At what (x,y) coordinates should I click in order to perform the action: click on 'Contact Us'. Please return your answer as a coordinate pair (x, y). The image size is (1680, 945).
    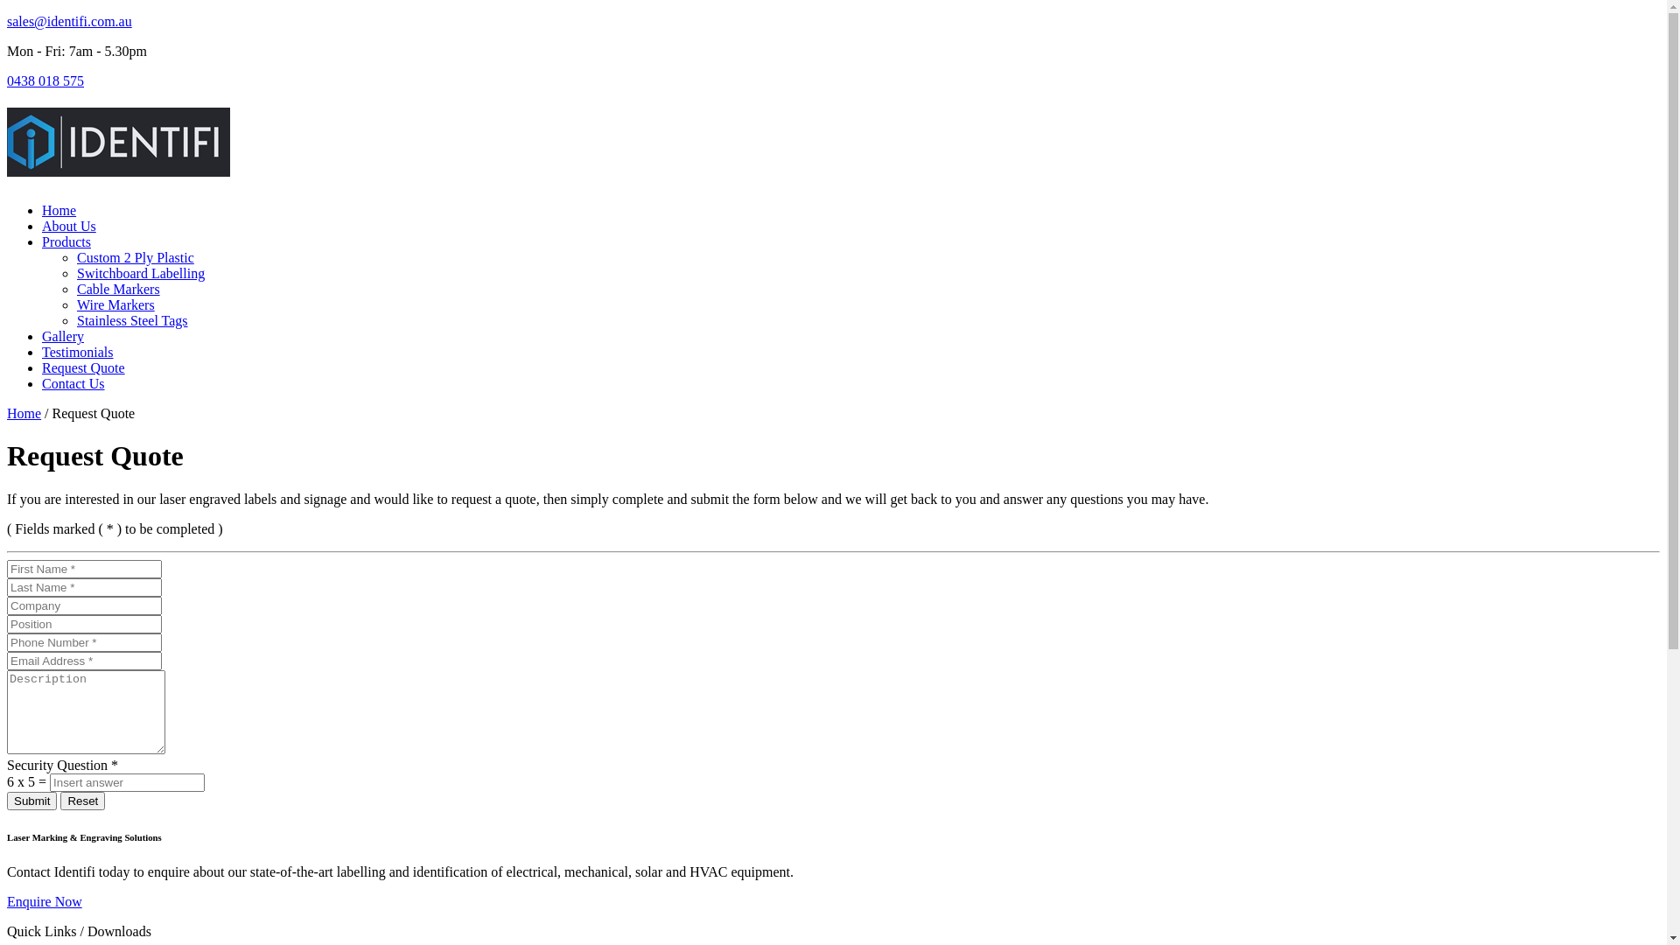
    Looking at the image, I should click on (42, 382).